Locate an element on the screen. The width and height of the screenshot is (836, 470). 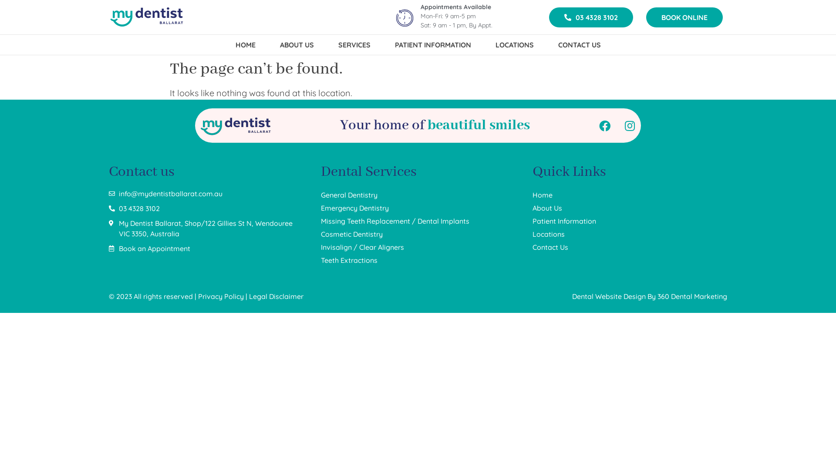
'Cosmetic Dentistry' is located at coordinates (418, 233).